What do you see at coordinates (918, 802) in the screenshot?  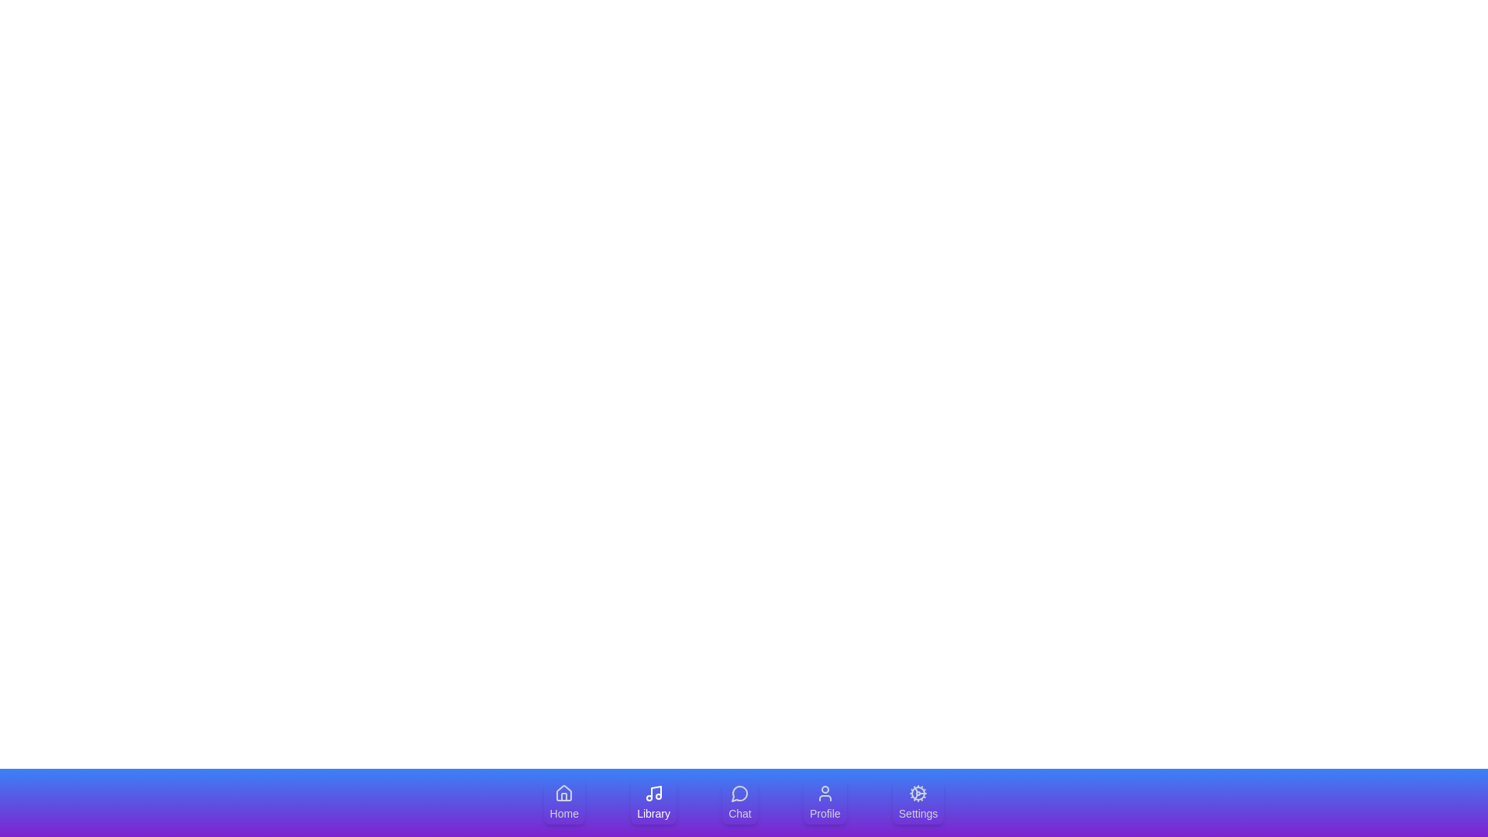 I see `the tab labeled Settings` at bounding box center [918, 802].